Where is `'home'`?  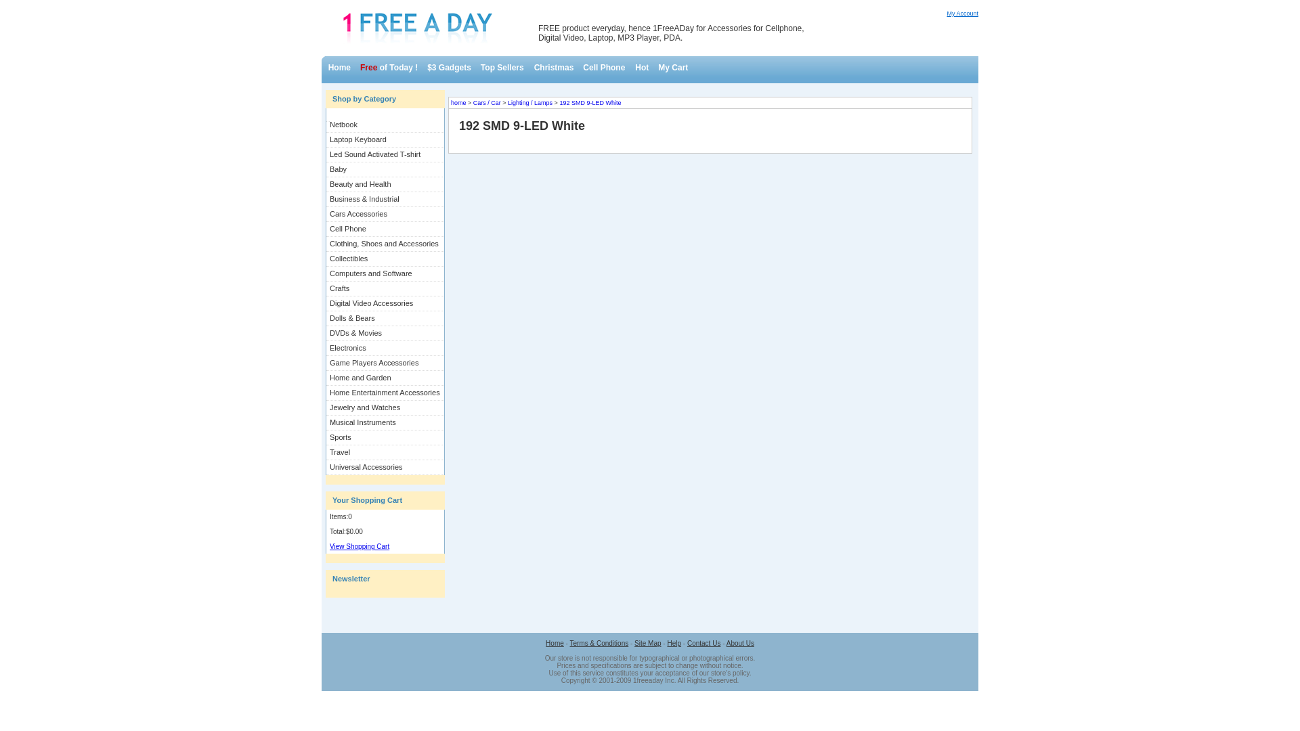 'home' is located at coordinates (458, 102).